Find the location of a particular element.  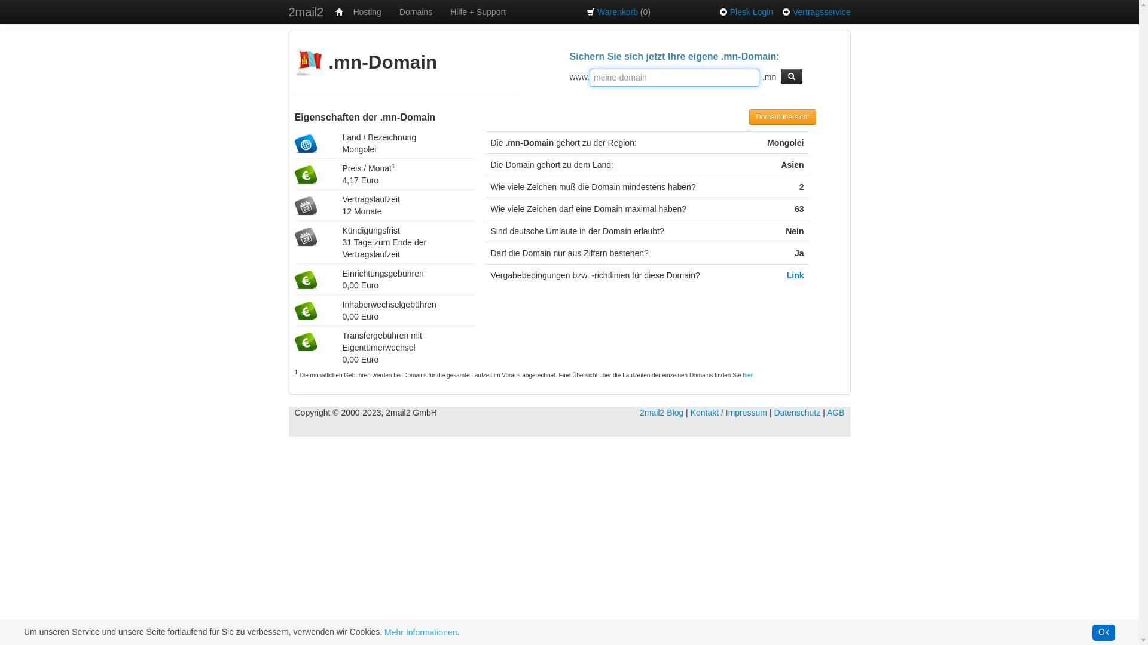

'hier' is located at coordinates (747, 374).